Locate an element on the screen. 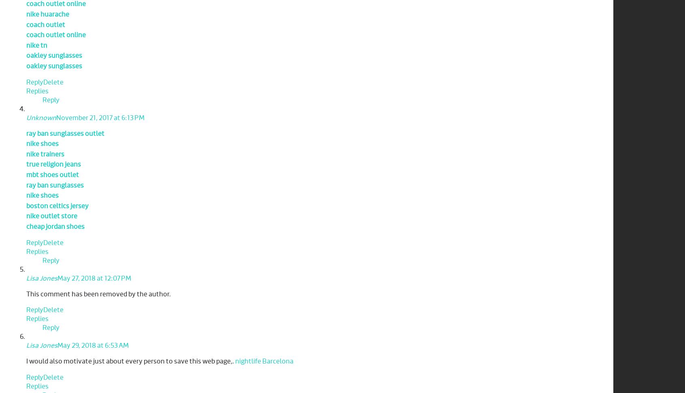 The height and width of the screenshot is (393, 685). 'boston celtics jersey' is located at coordinates (57, 206).